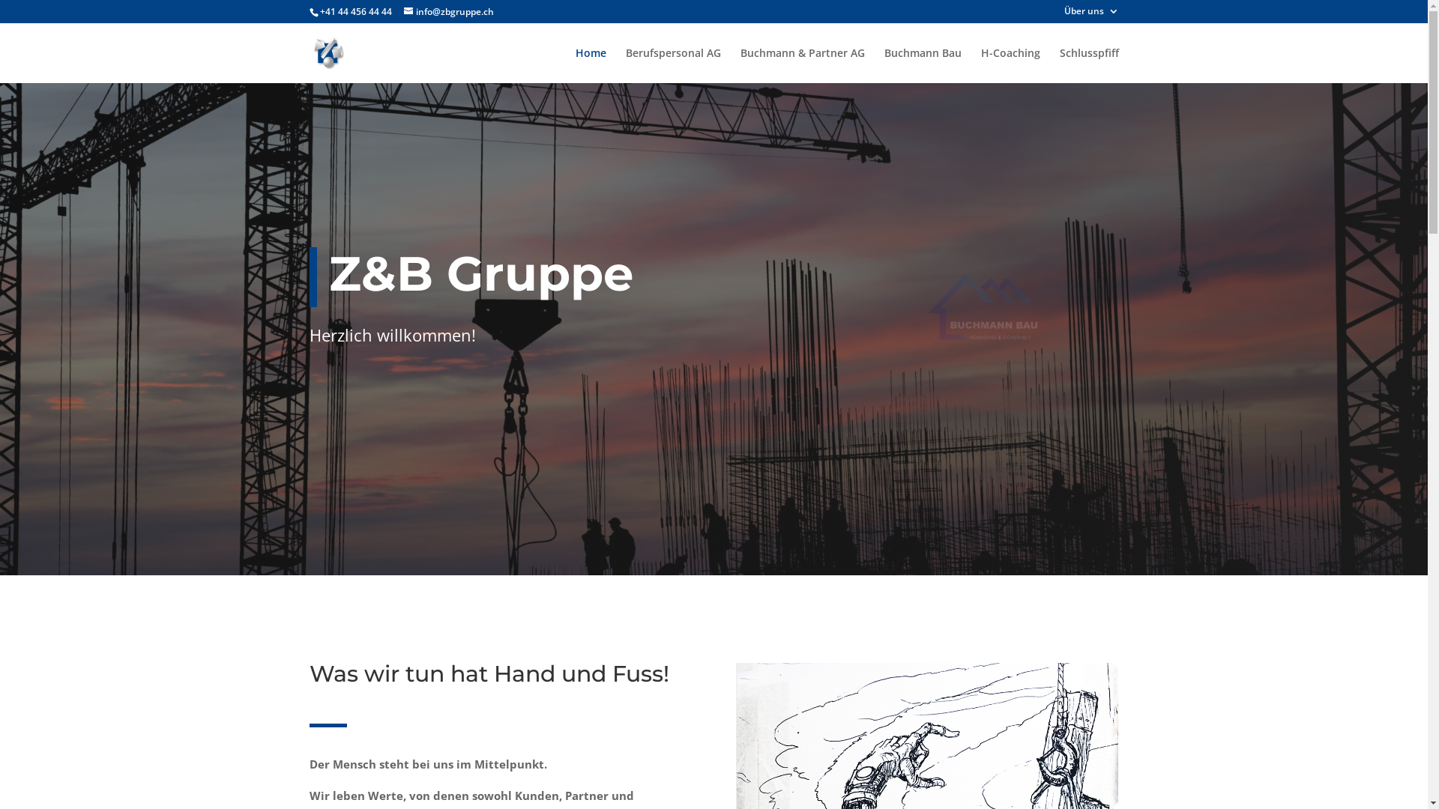  Describe the element at coordinates (1089, 64) in the screenshot. I see `'Schlusspfiff'` at that location.